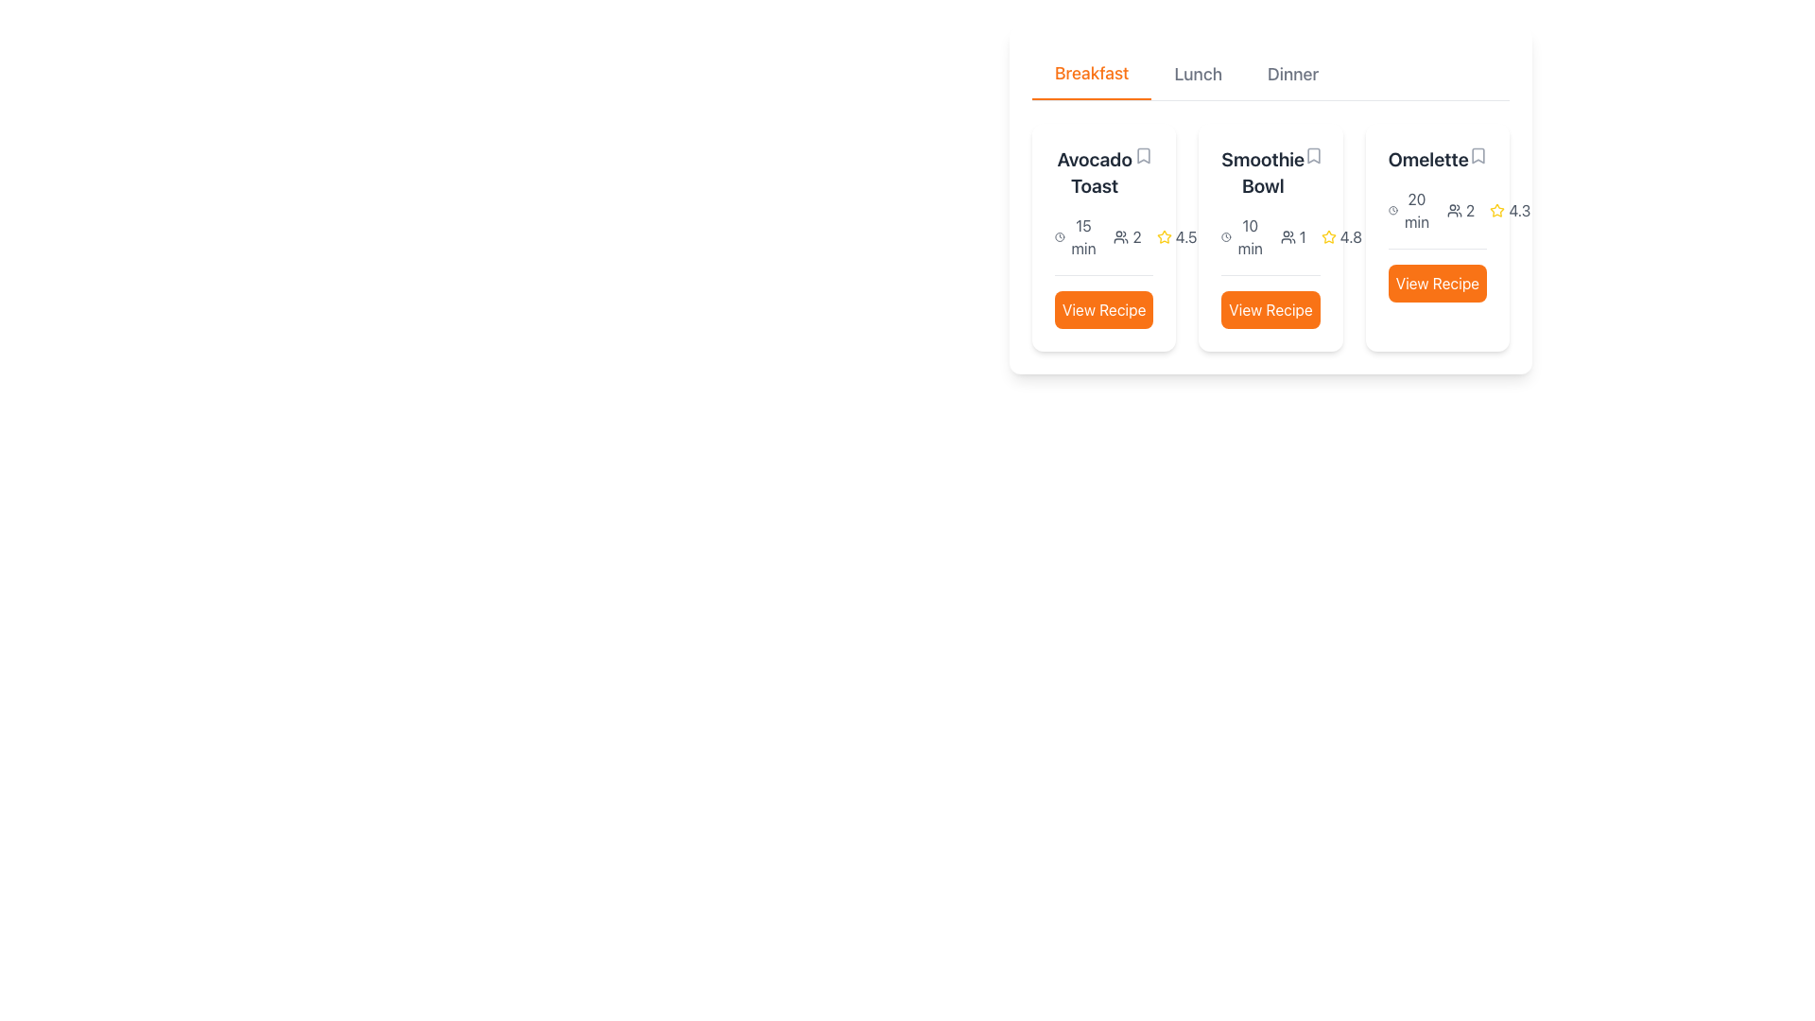 The image size is (1815, 1021). What do you see at coordinates (1163, 235) in the screenshot?
I see `the star icon representing the rating component located in the second card (Smoothie Bowl) under the Breakfast section, positioned to the right of the user count indicator and left of the numeric rating (4.5)` at bounding box center [1163, 235].